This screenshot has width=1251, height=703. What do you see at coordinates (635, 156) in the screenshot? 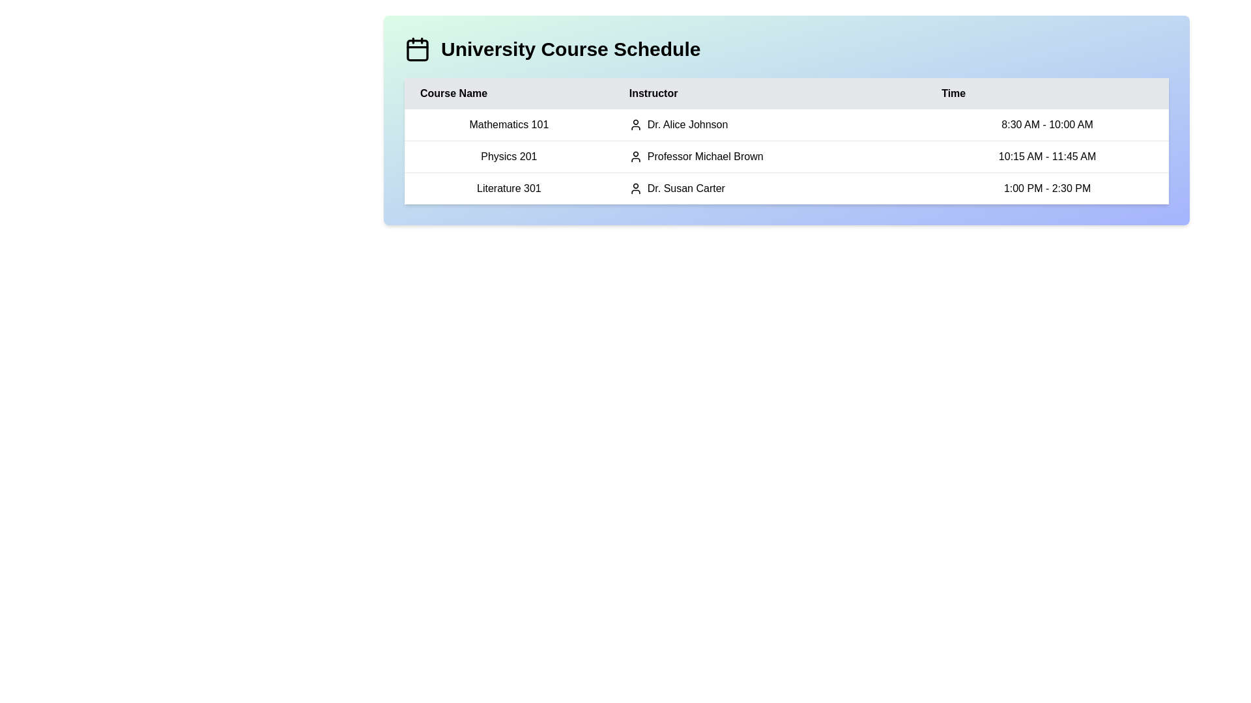
I see `the user profile icon representing 'Professor Michael Brown' located in the second row under the 'Instructor' column` at bounding box center [635, 156].